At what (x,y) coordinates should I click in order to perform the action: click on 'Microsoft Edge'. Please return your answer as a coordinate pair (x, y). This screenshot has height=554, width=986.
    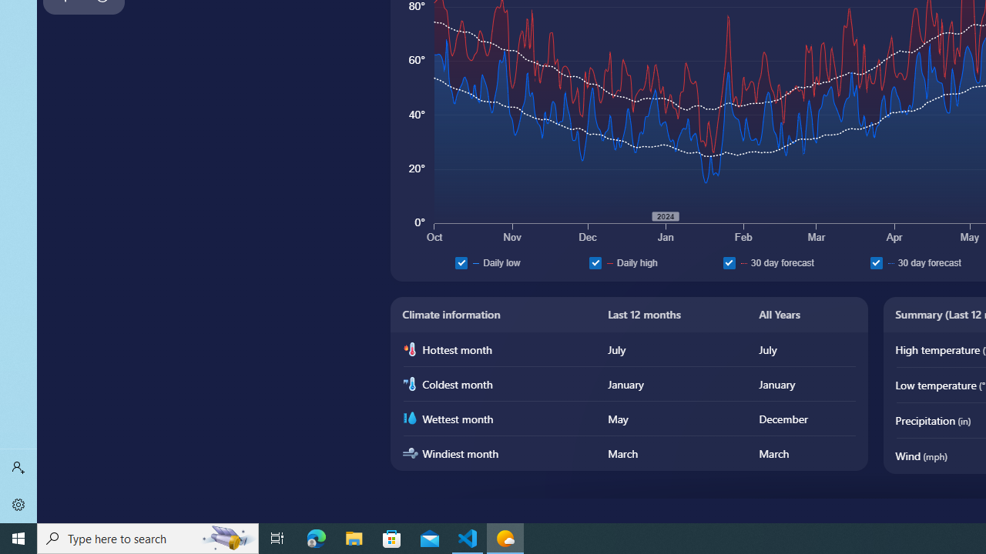
    Looking at the image, I should click on (316, 537).